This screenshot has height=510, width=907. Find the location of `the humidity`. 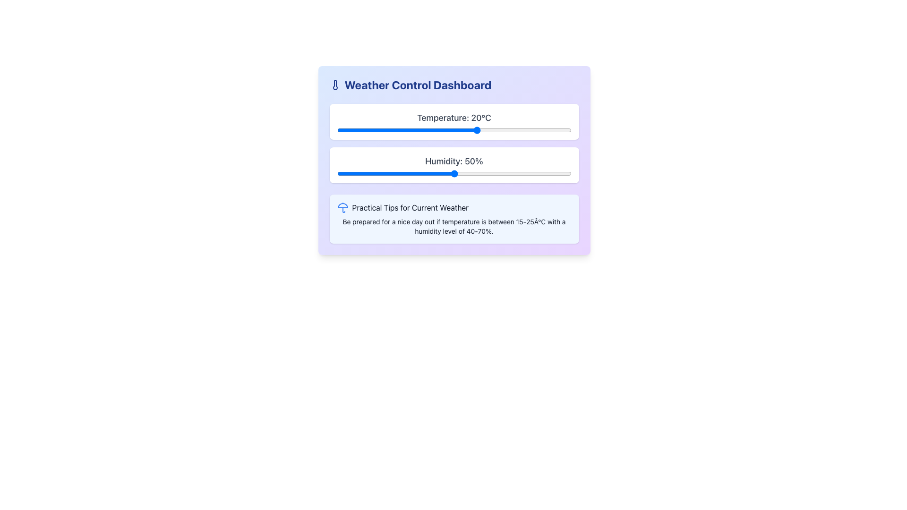

the humidity is located at coordinates (564, 173).